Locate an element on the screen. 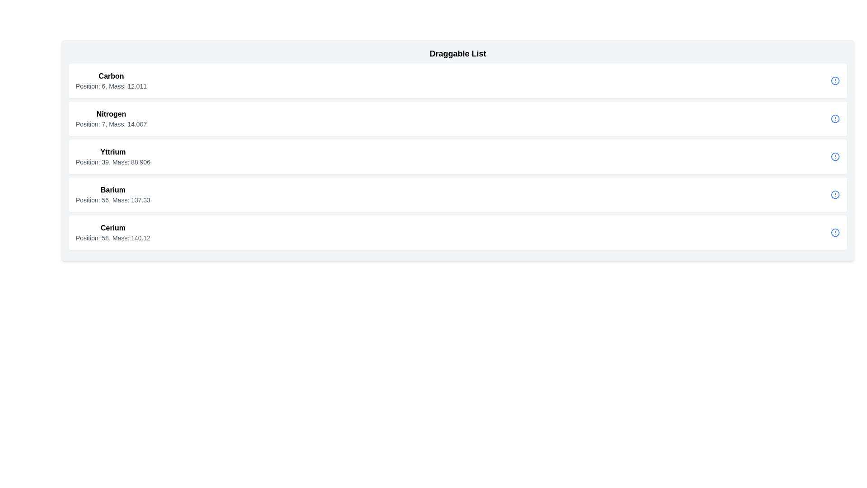 This screenshot has width=867, height=488. the alert icon associated with the 'Nitrogen' row, which is right-aligned within the interface is located at coordinates (834, 118).